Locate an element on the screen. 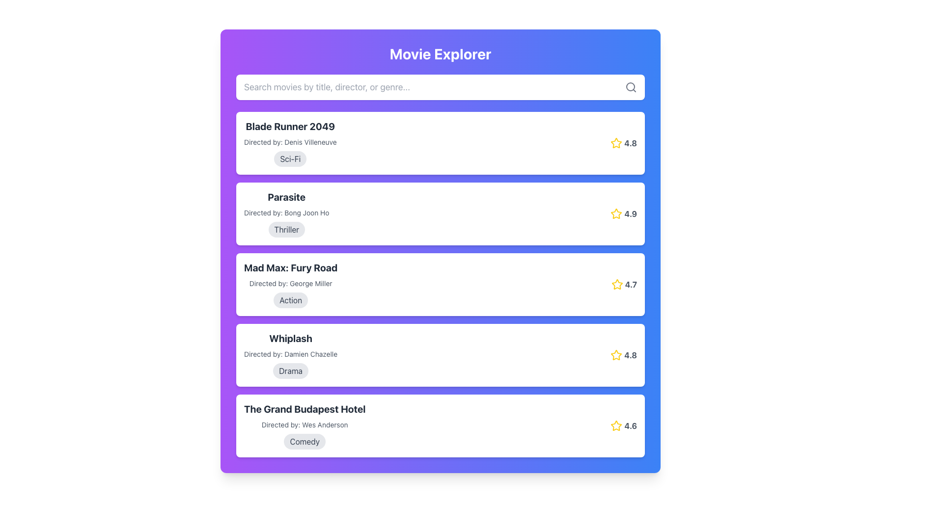 The width and height of the screenshot is (943, 530). the yellow star icon located to the left of the numeric rating '4.6' in the bottom-most item of the listing is located at coordinates (616, 425).